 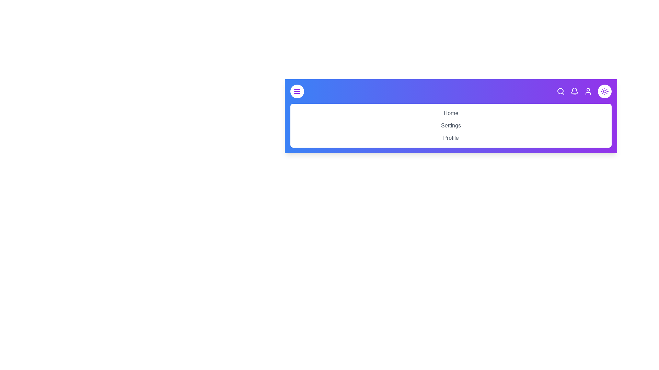 What do you see at coordinates (604, 91) in the screenshot?
I see `the light/dark mode toggle button to switch the mode` at bounding box center [604, 91].